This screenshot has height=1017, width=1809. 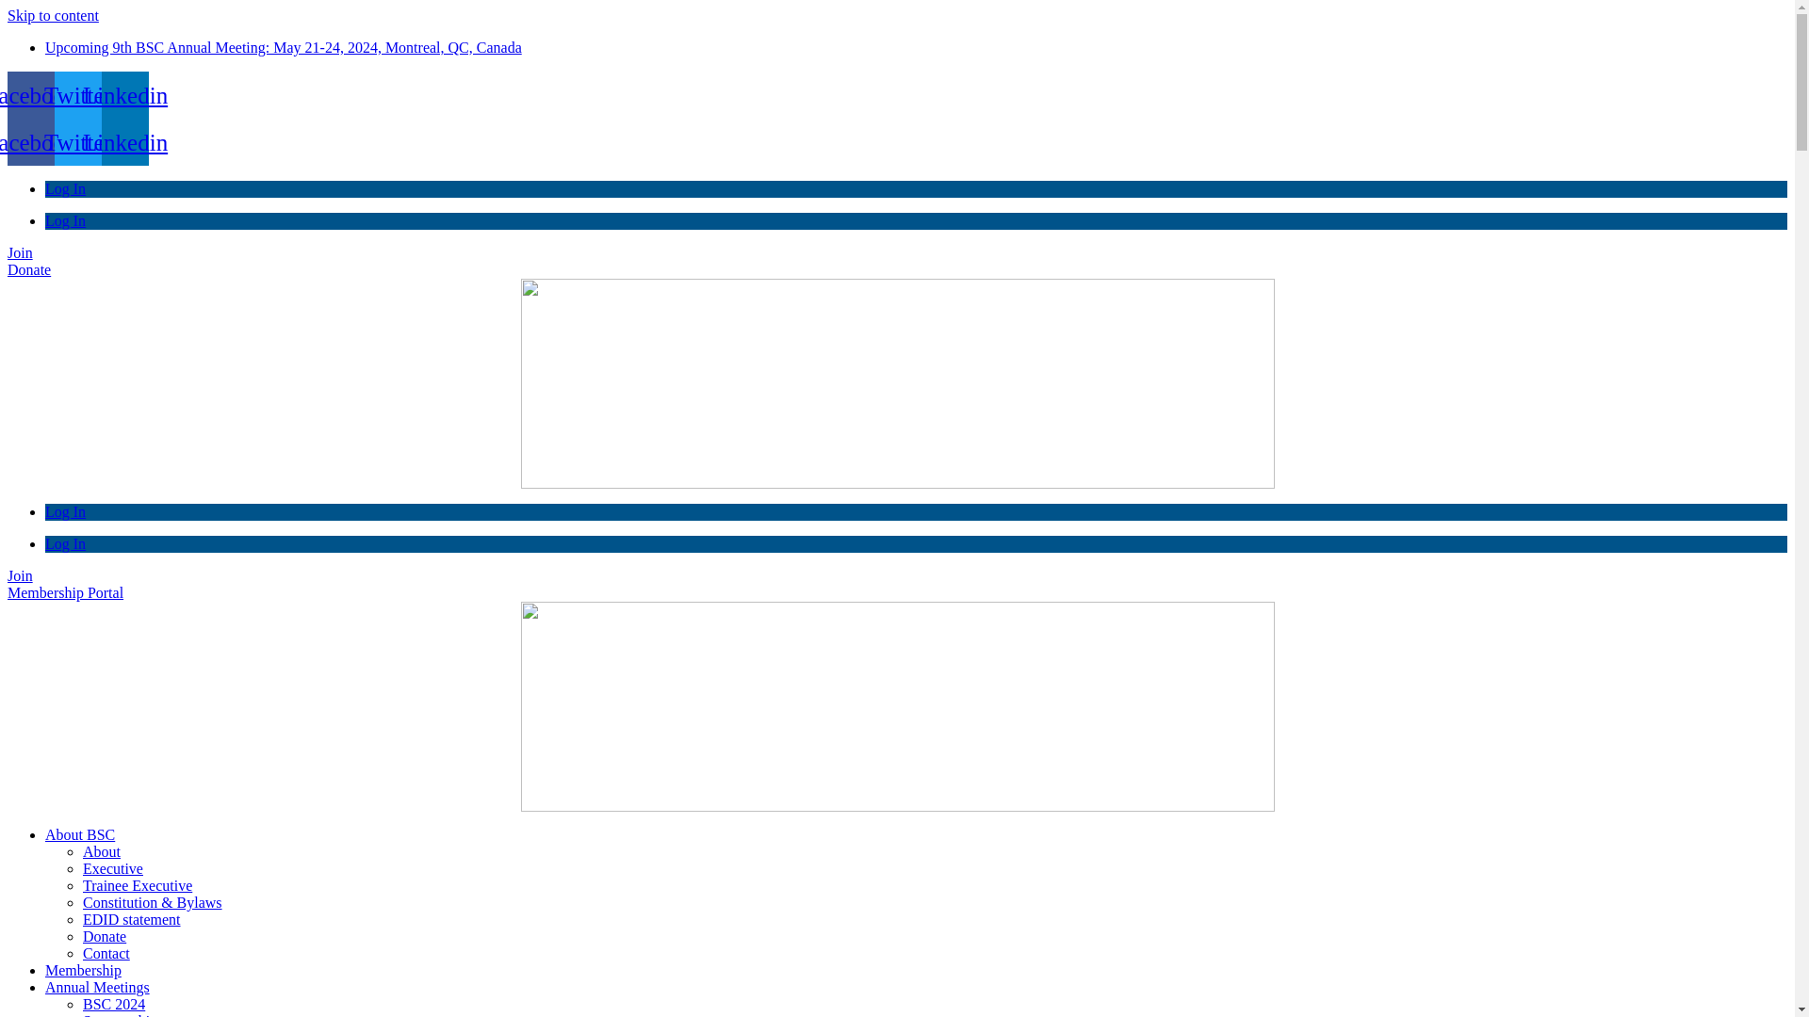 I want to click on 'Donate', so click(x=103, y=936).